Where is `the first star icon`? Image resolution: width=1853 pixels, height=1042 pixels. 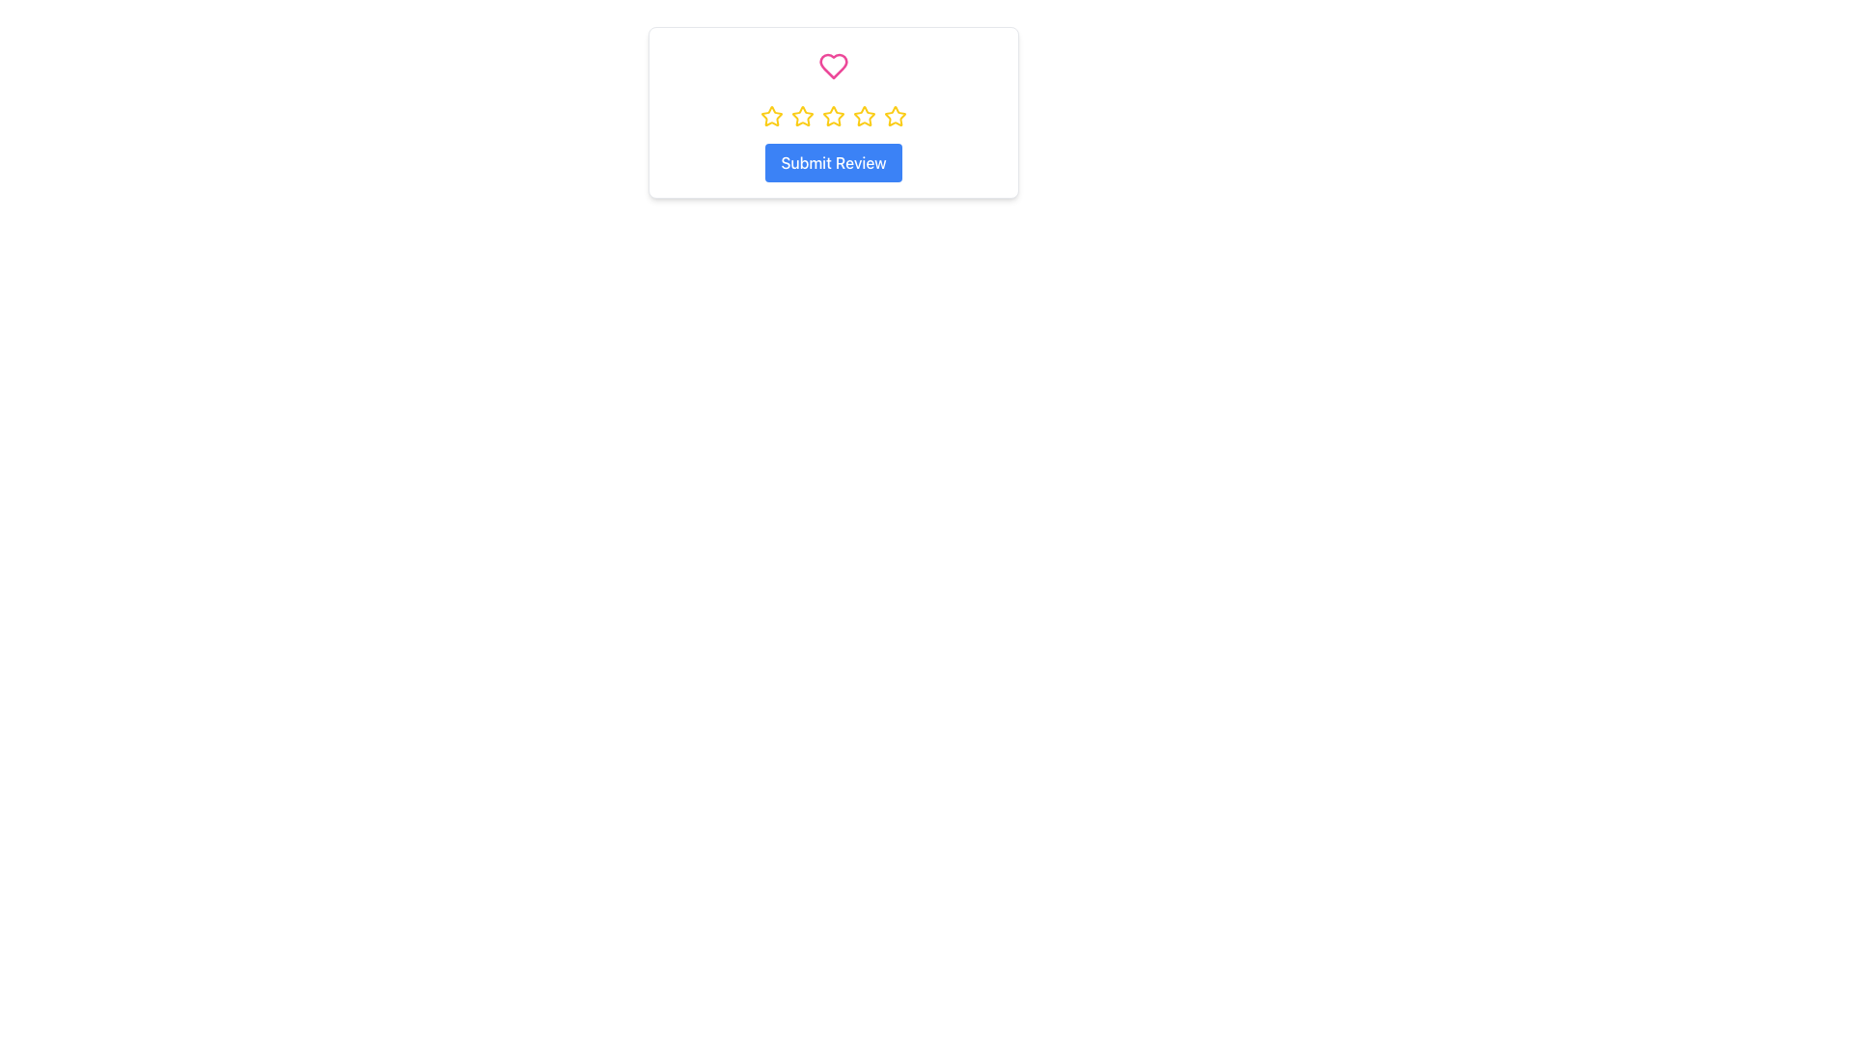
the first star icon is located at coordinates (772, 116).